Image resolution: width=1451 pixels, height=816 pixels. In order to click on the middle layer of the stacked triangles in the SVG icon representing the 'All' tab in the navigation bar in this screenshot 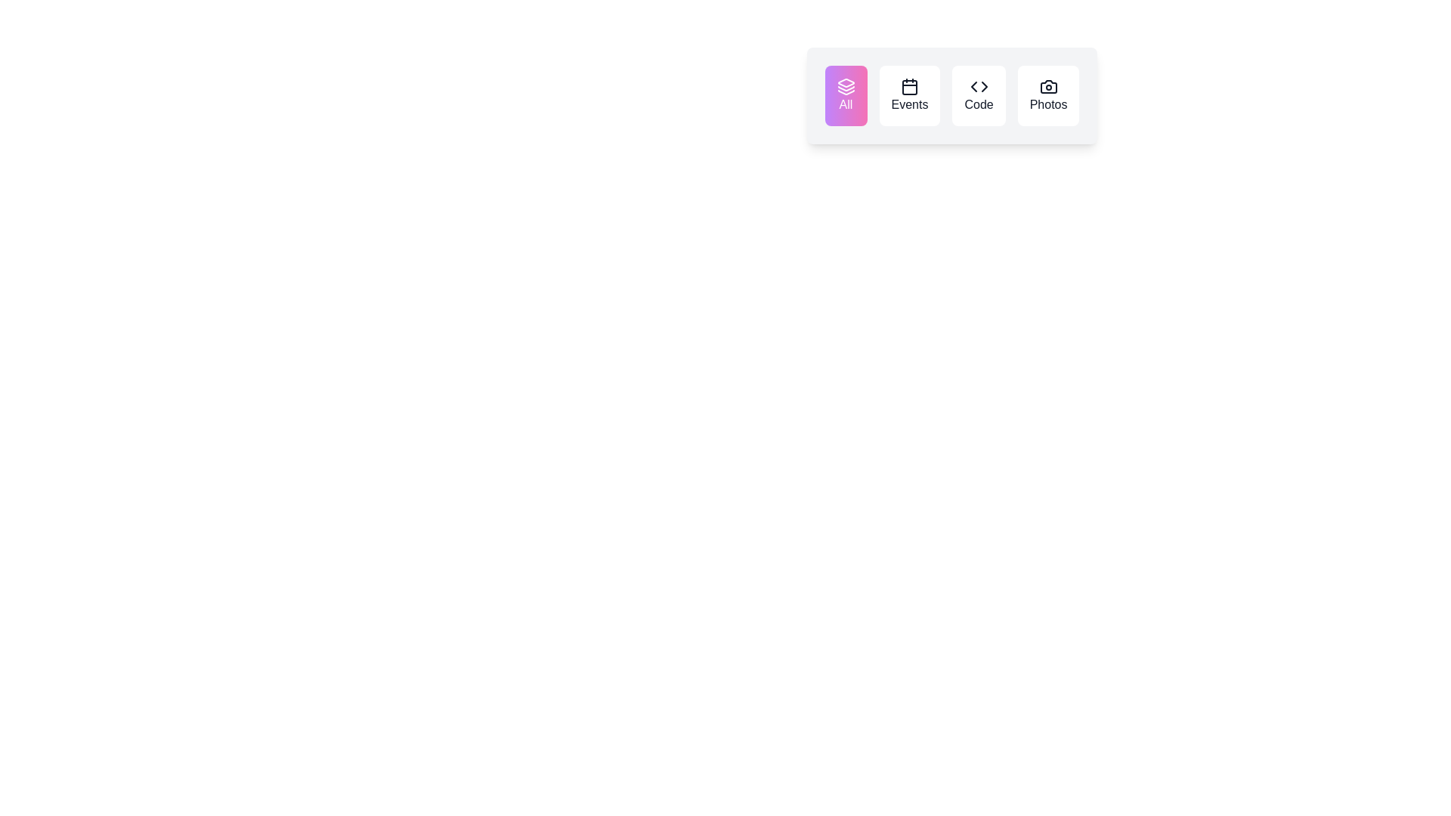, I will do `click(845, 88)`.